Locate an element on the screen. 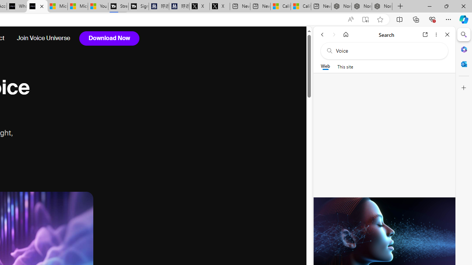  'Read aloud this page (Ctrl+Shift+U)' is located at coordinates (350, 19).